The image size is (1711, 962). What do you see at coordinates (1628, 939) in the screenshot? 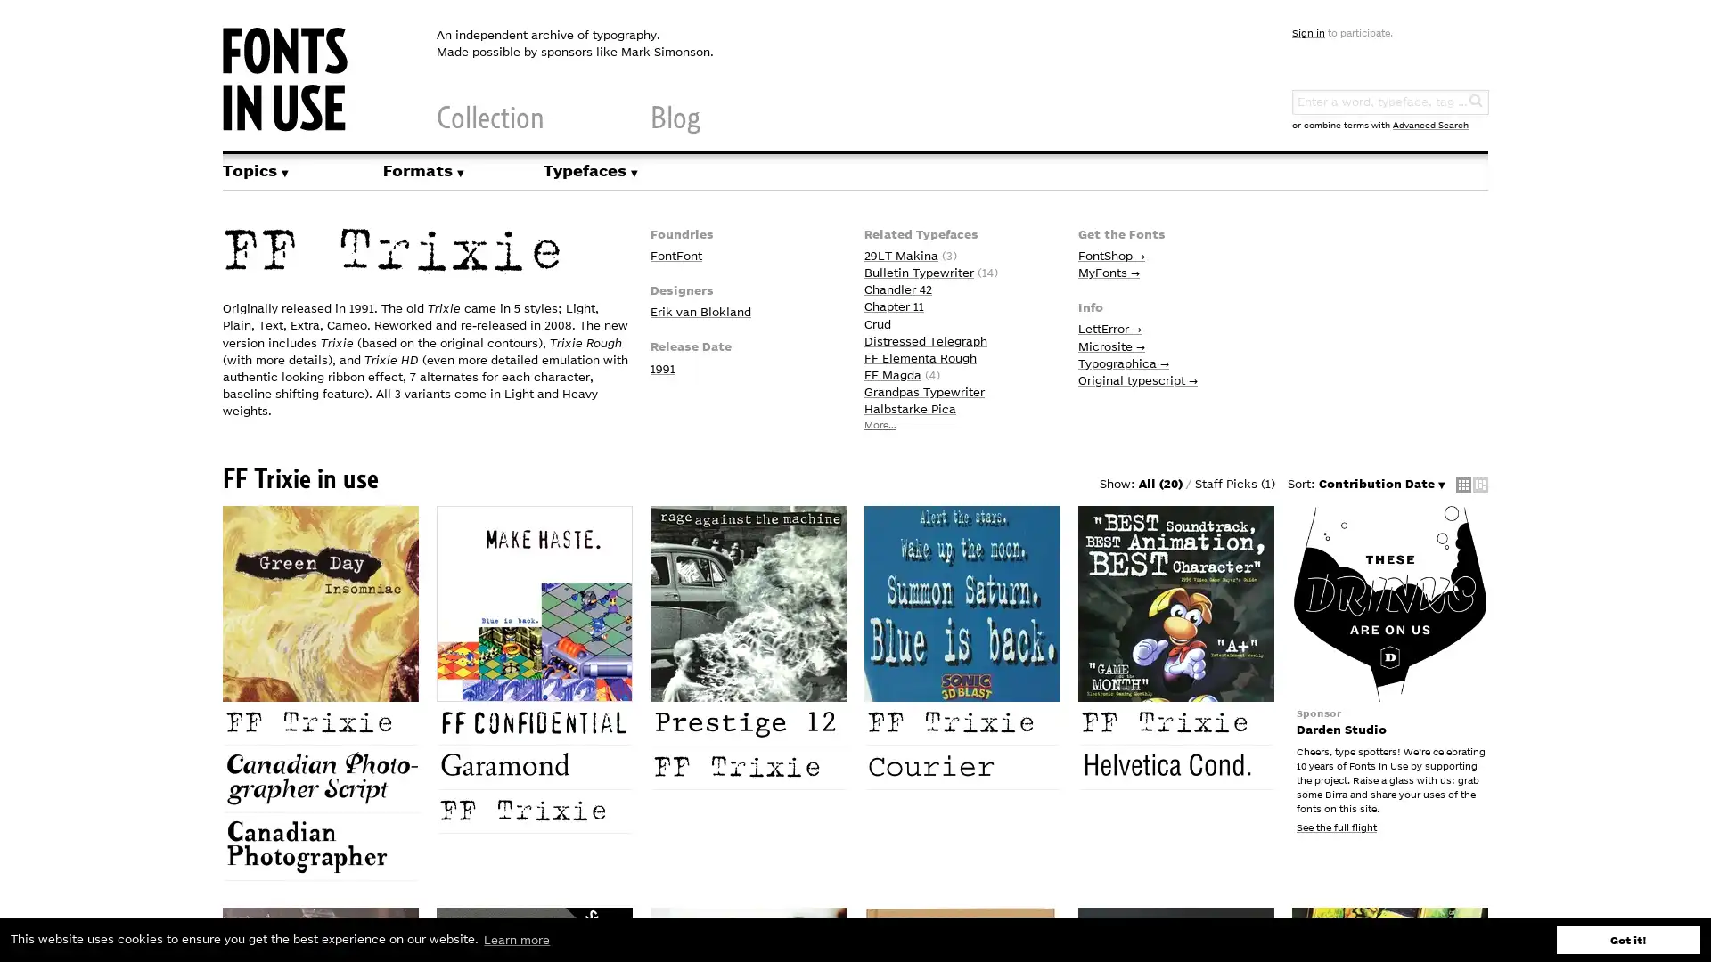
I see `dismiss cookie message` at bounding box center [1628, 939].